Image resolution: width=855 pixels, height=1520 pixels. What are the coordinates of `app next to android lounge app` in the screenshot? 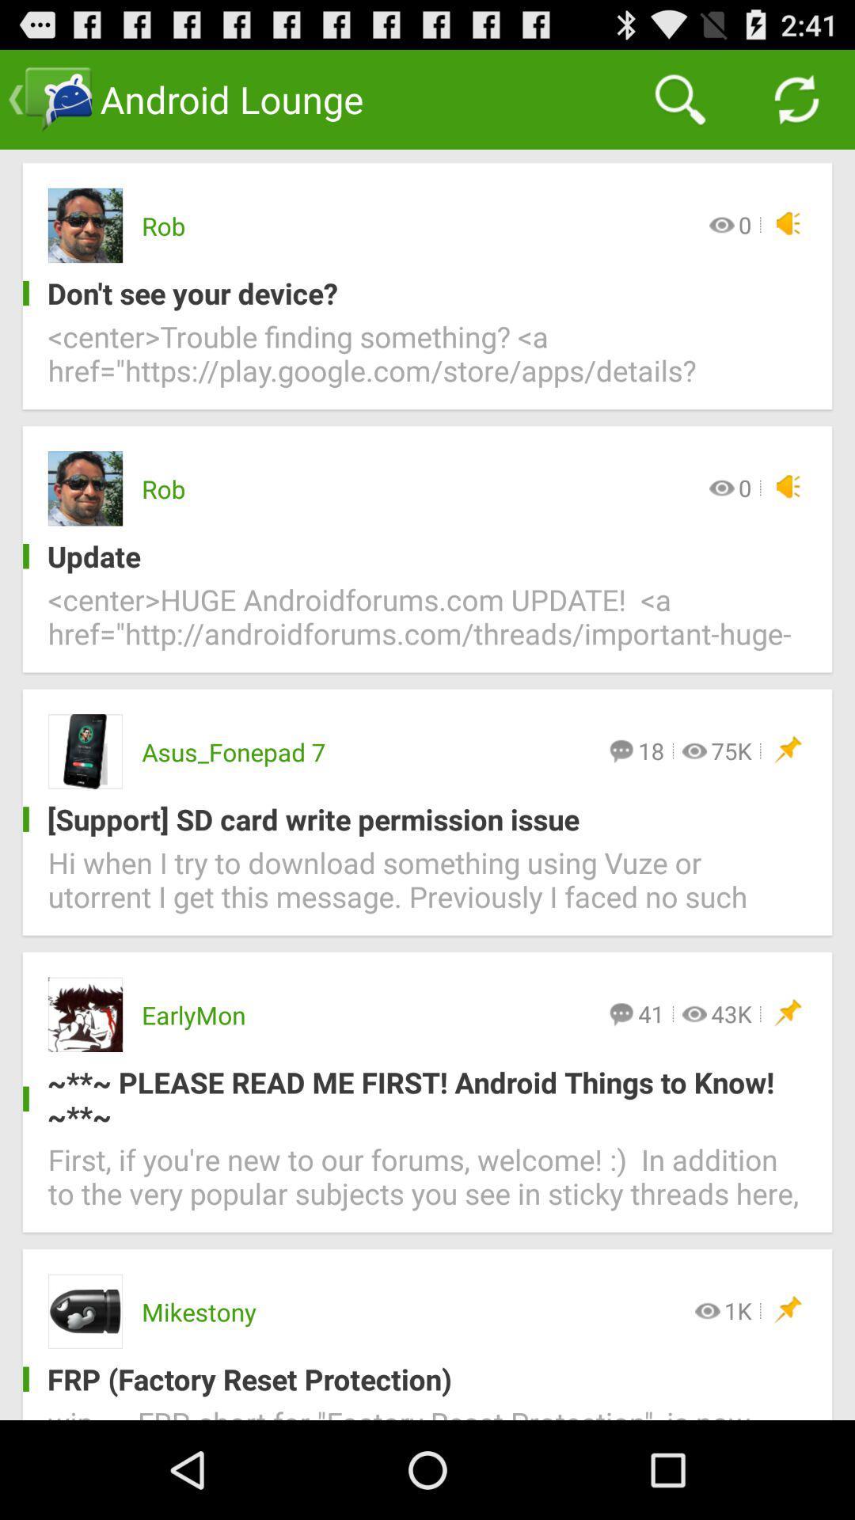 It's located at (679, 98).